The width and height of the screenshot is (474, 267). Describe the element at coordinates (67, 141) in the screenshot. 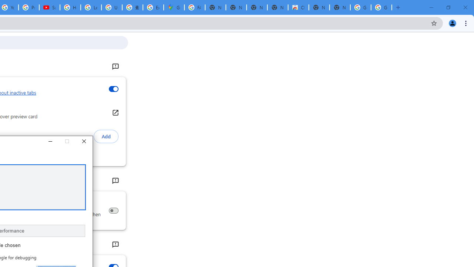

I see `'Maximize'` at that location.